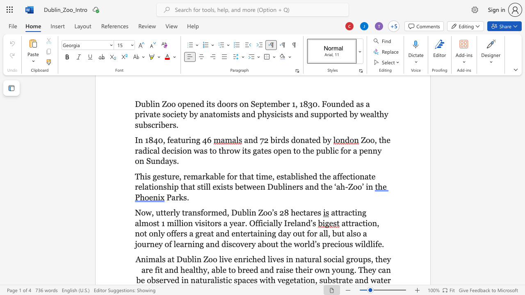 The height and width of the screenshot is (295, 525). What do you see at coordinates (354, 270) in the screenshot?
I see `the space between the continuous character "g" and "." in the text` at bounding box center [354, 270].